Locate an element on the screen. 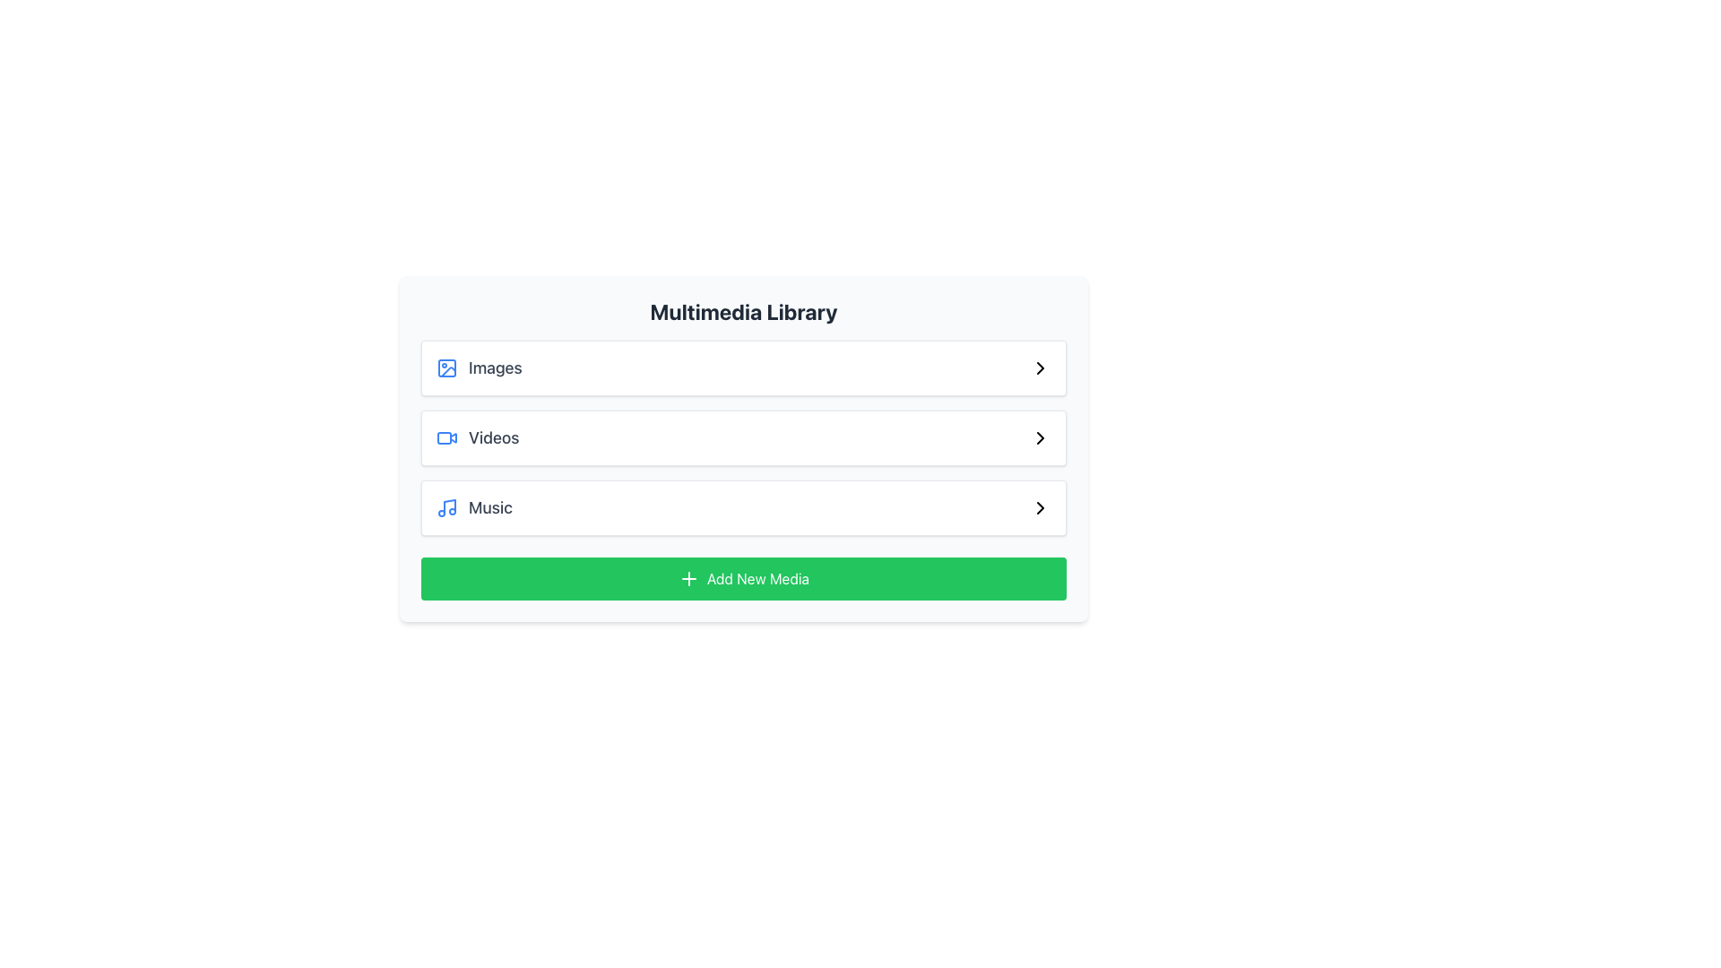  the plus sign icon with a green background located to the left of the 'Add New Media' text is located at coordinates (688, 578).